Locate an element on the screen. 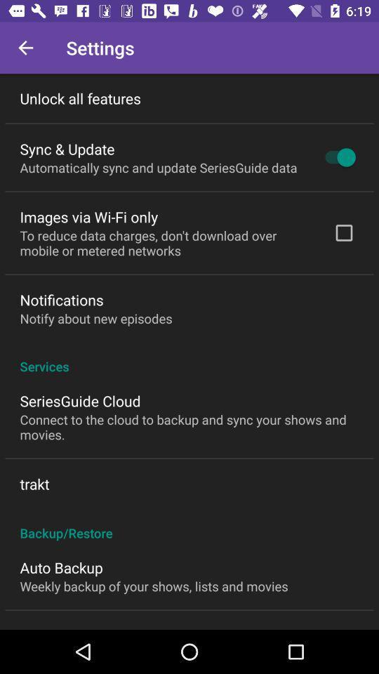  the item at the top right corner is located at coordinates (336, 157).